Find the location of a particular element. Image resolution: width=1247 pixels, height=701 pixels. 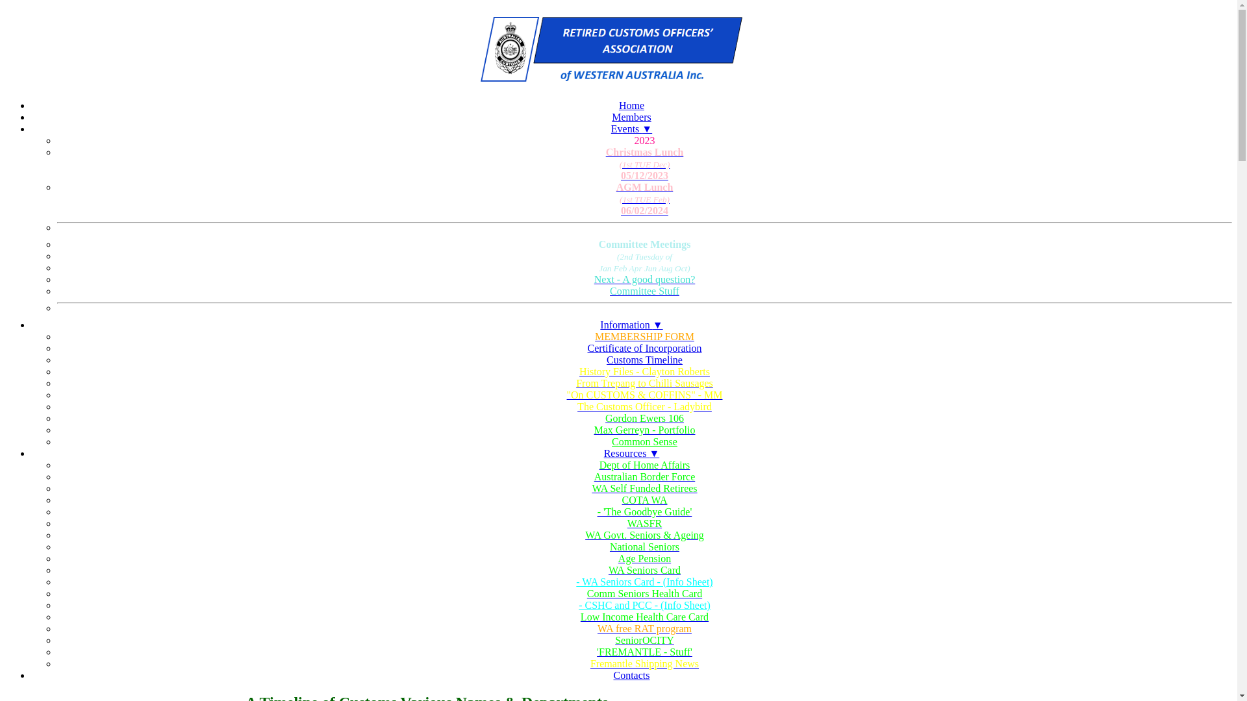

'Contacts' is located at coordinates (631, 674).